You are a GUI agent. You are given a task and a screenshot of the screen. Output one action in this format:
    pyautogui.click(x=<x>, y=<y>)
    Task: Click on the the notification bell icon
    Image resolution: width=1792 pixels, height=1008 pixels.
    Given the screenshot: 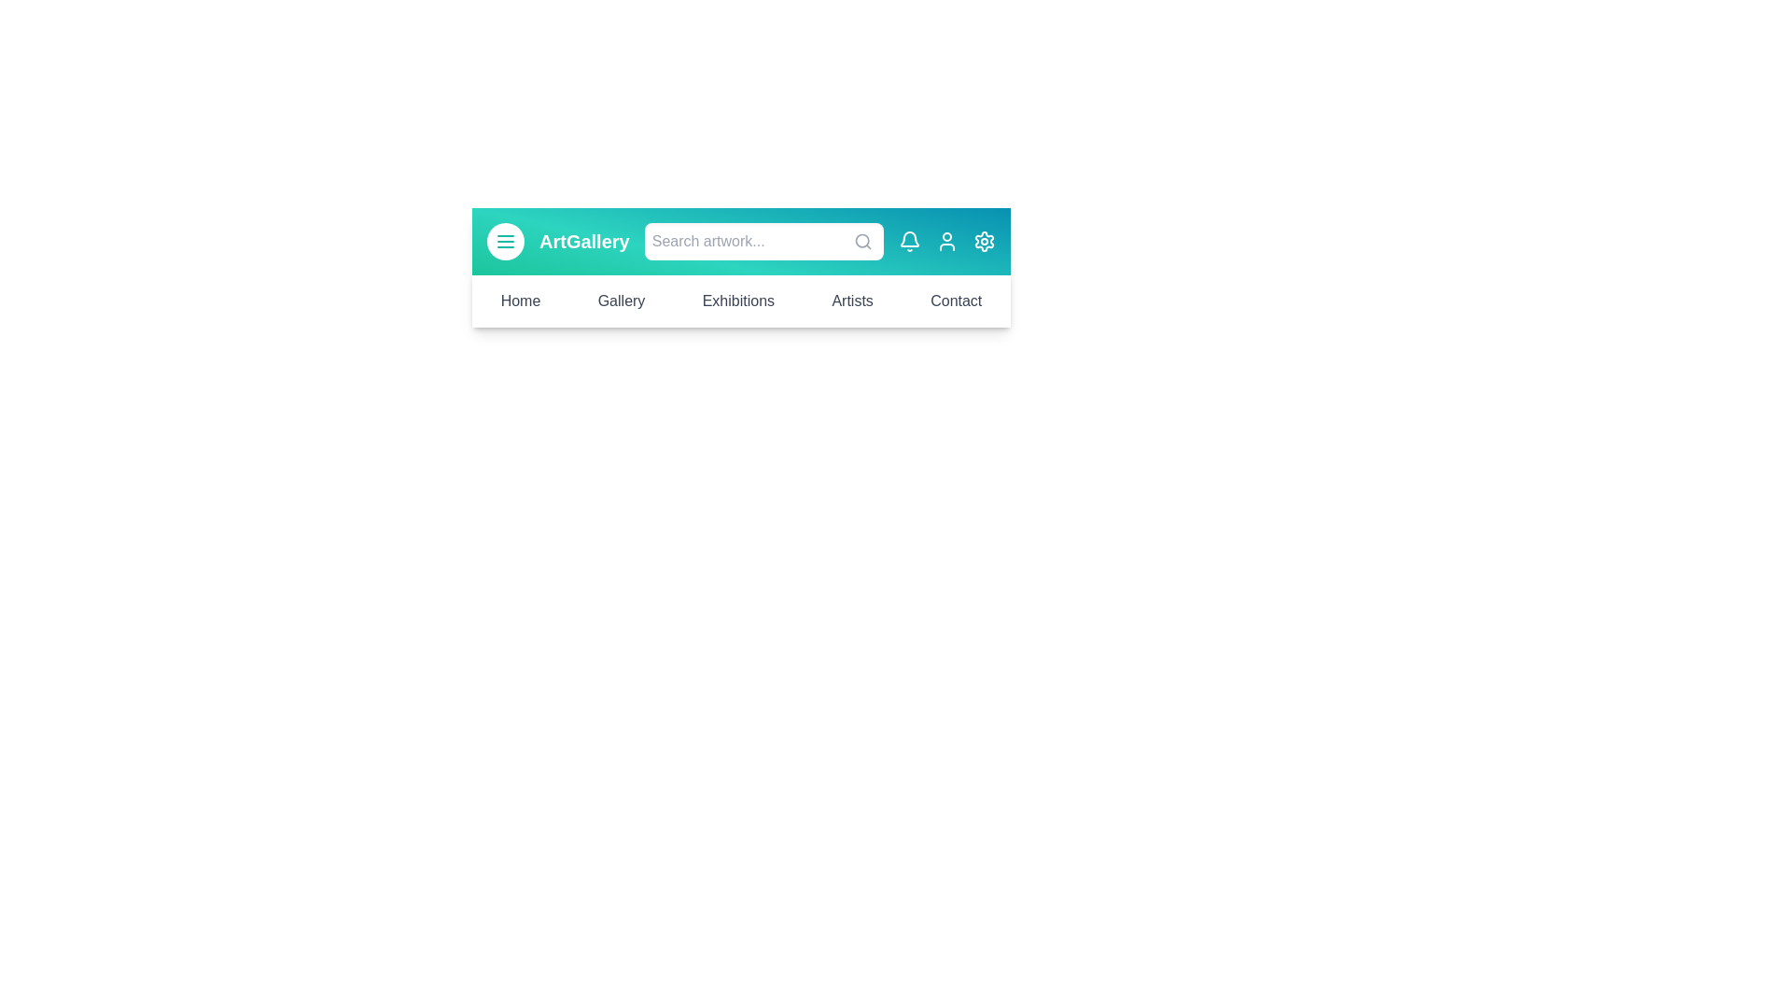 What is the action you would take?
    pyautogui.click(x=909, y=240)
    